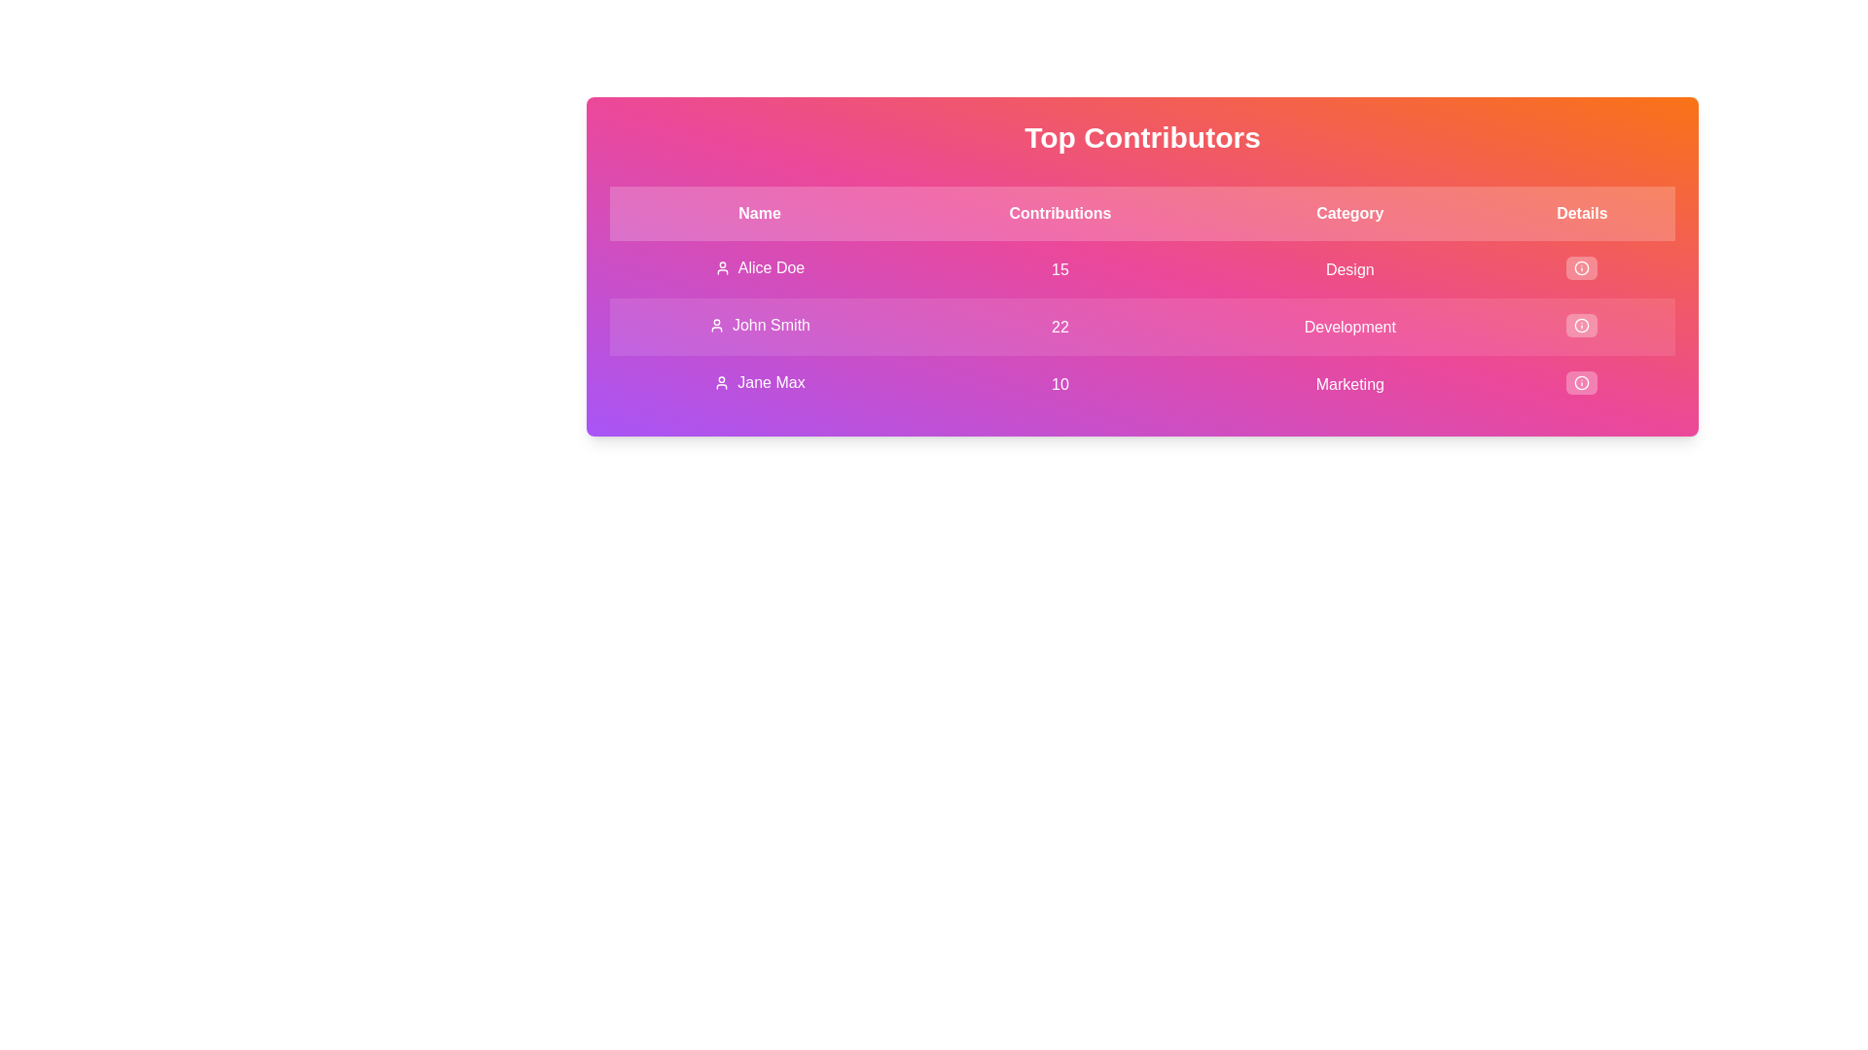 Image resolution: width=1868 pixels, height=1050 pixels. What do you see at coordinates (1059, 269) in the screenshot?
I see `the static text label displaying the number '15' in the 'Contributions' column for 'Alice Doe', which is centered within its cell` at bounding box center [1059, 269].